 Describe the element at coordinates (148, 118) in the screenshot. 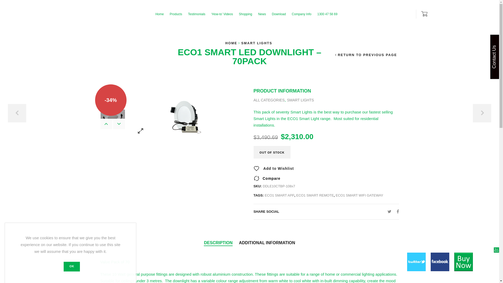

I see `'G-Smart Pg2 Products DDLE10'` at that location.